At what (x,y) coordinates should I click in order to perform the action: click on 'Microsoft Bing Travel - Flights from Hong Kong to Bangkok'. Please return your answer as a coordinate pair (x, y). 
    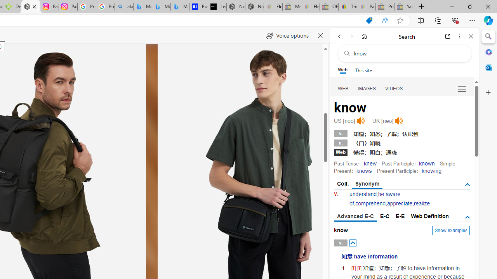
    Looking at the image, I should click on (142, 7).